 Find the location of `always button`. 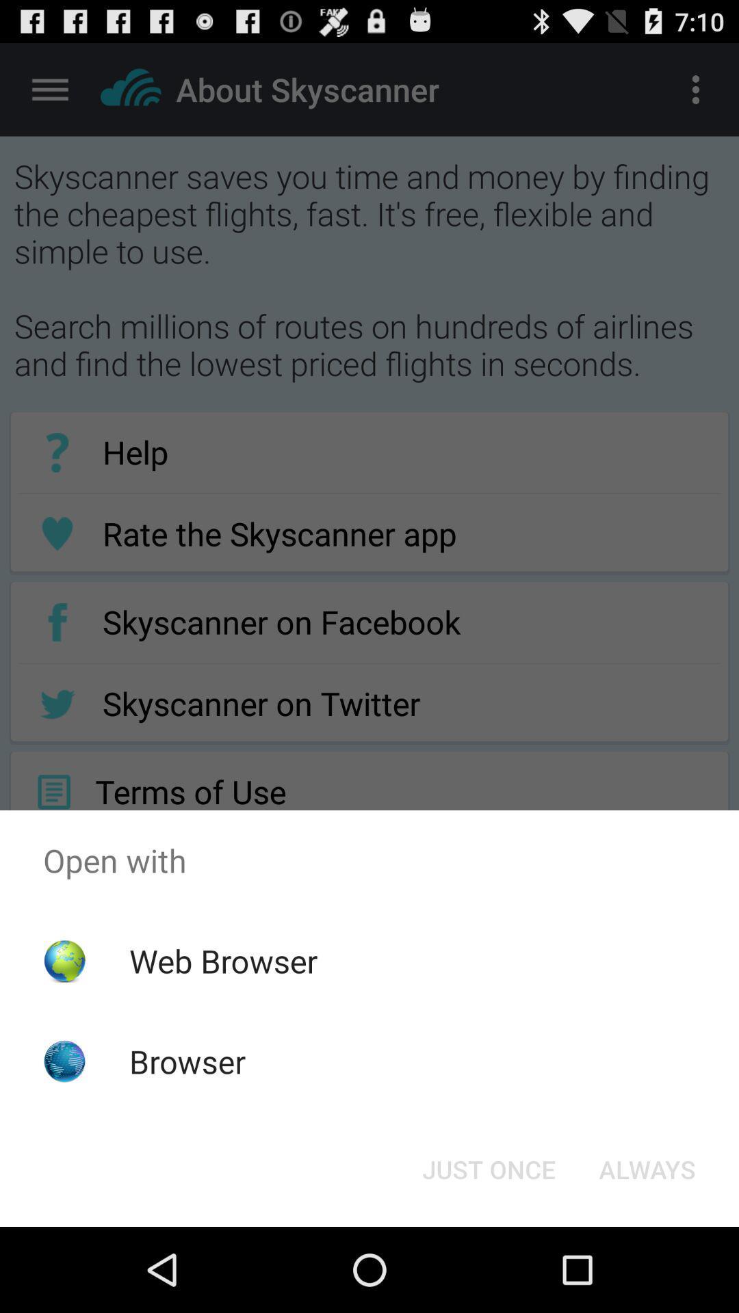

always button is located at coordinates (647, 1168).